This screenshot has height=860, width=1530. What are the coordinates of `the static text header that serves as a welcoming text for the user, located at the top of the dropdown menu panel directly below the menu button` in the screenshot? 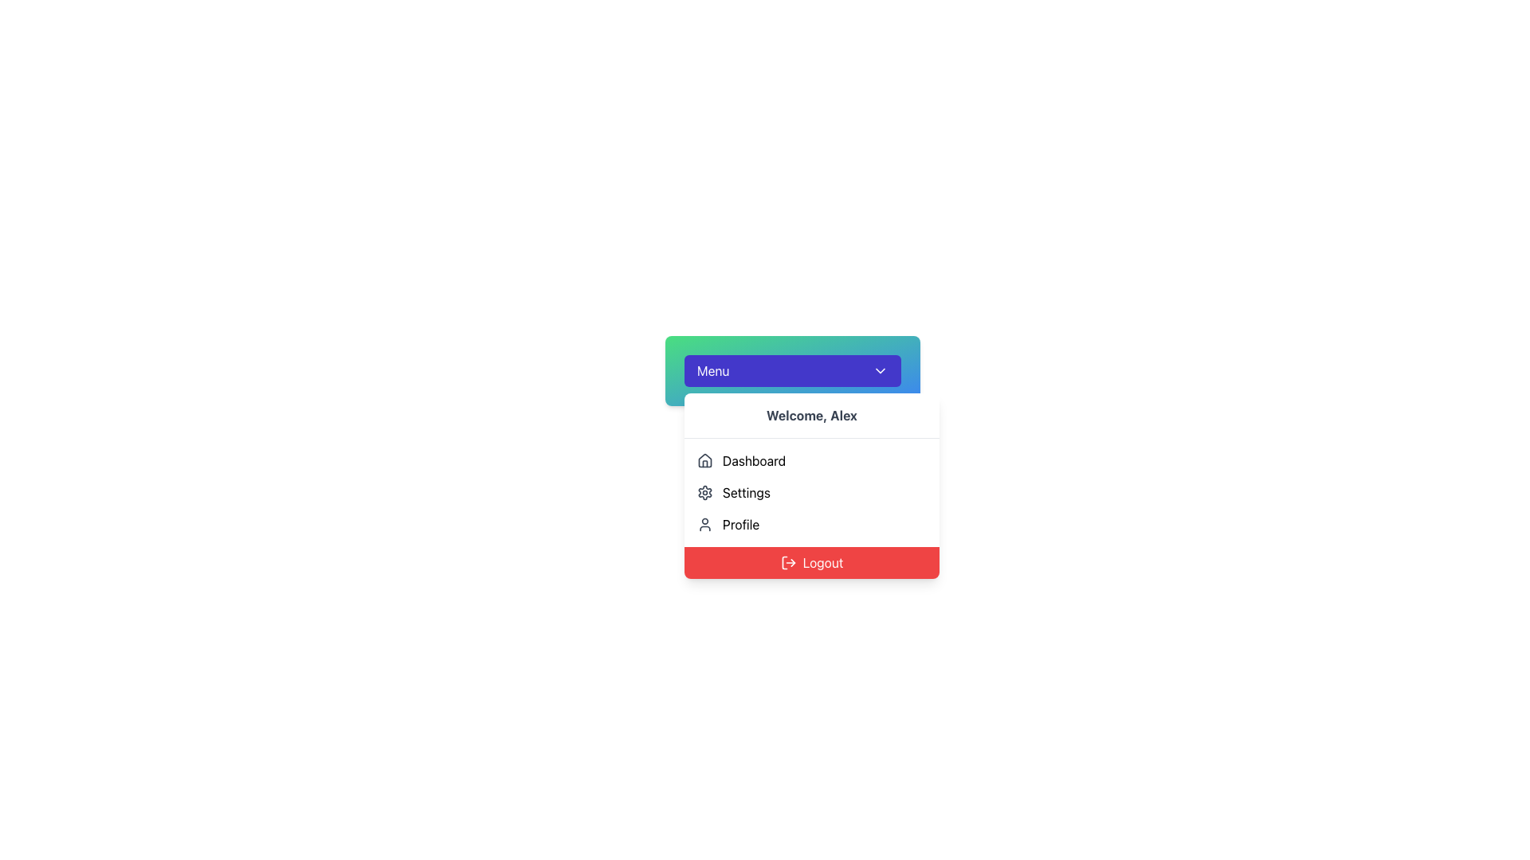 It's located at (811, 415).